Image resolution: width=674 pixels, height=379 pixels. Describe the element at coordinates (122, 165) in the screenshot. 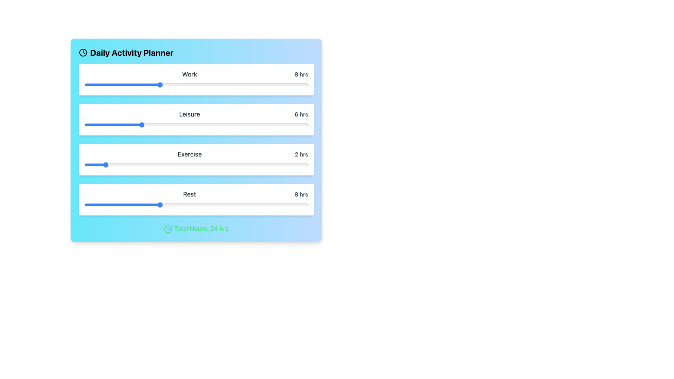

I see `the Exercise duration` at that location.